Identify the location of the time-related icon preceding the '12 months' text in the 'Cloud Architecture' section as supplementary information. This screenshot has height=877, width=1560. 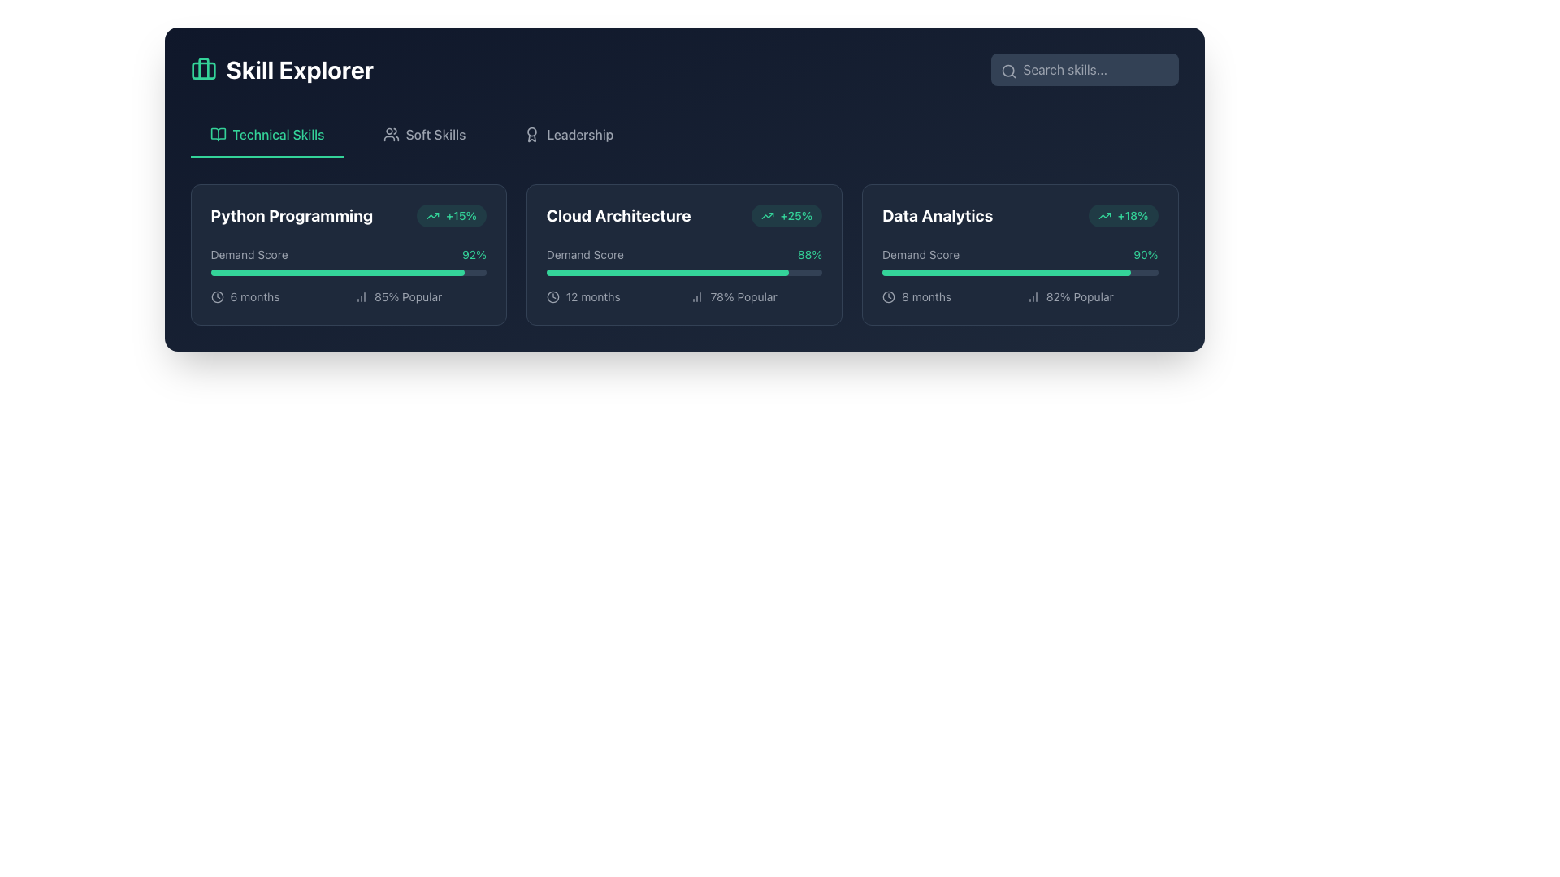
(552, 297).